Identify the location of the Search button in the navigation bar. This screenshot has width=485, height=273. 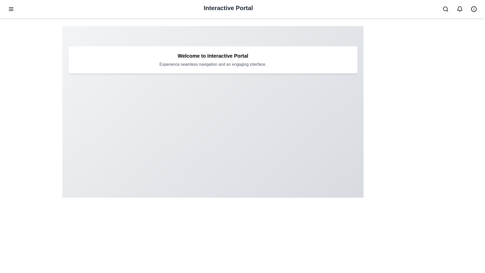
(445, 9).